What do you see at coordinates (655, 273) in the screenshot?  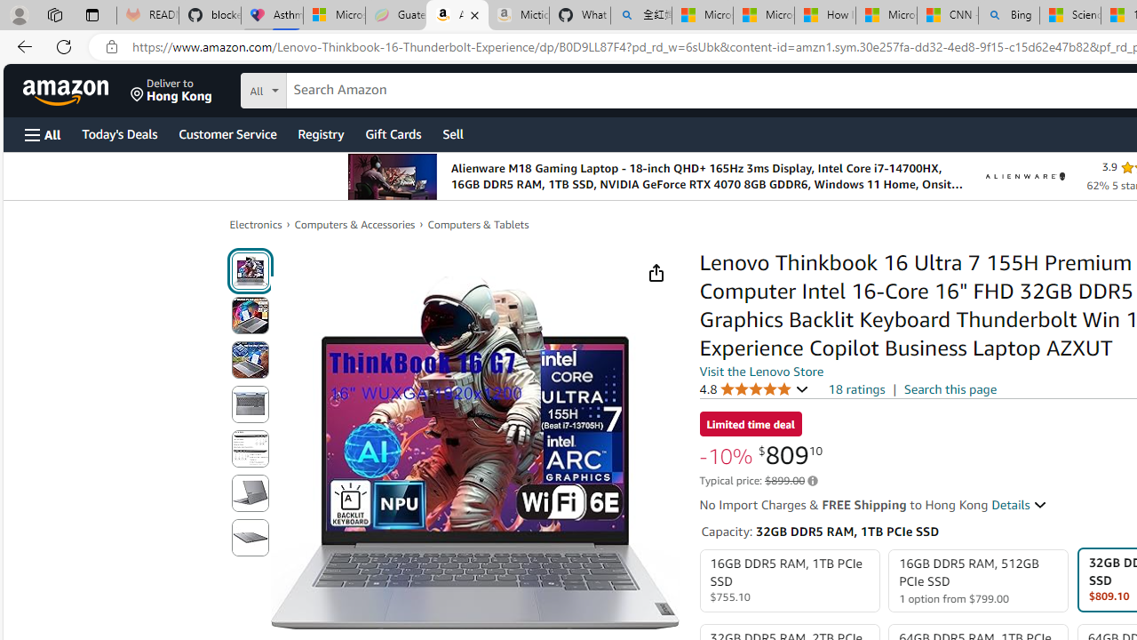 I see `'Share'` at bounding box center [655, 273].